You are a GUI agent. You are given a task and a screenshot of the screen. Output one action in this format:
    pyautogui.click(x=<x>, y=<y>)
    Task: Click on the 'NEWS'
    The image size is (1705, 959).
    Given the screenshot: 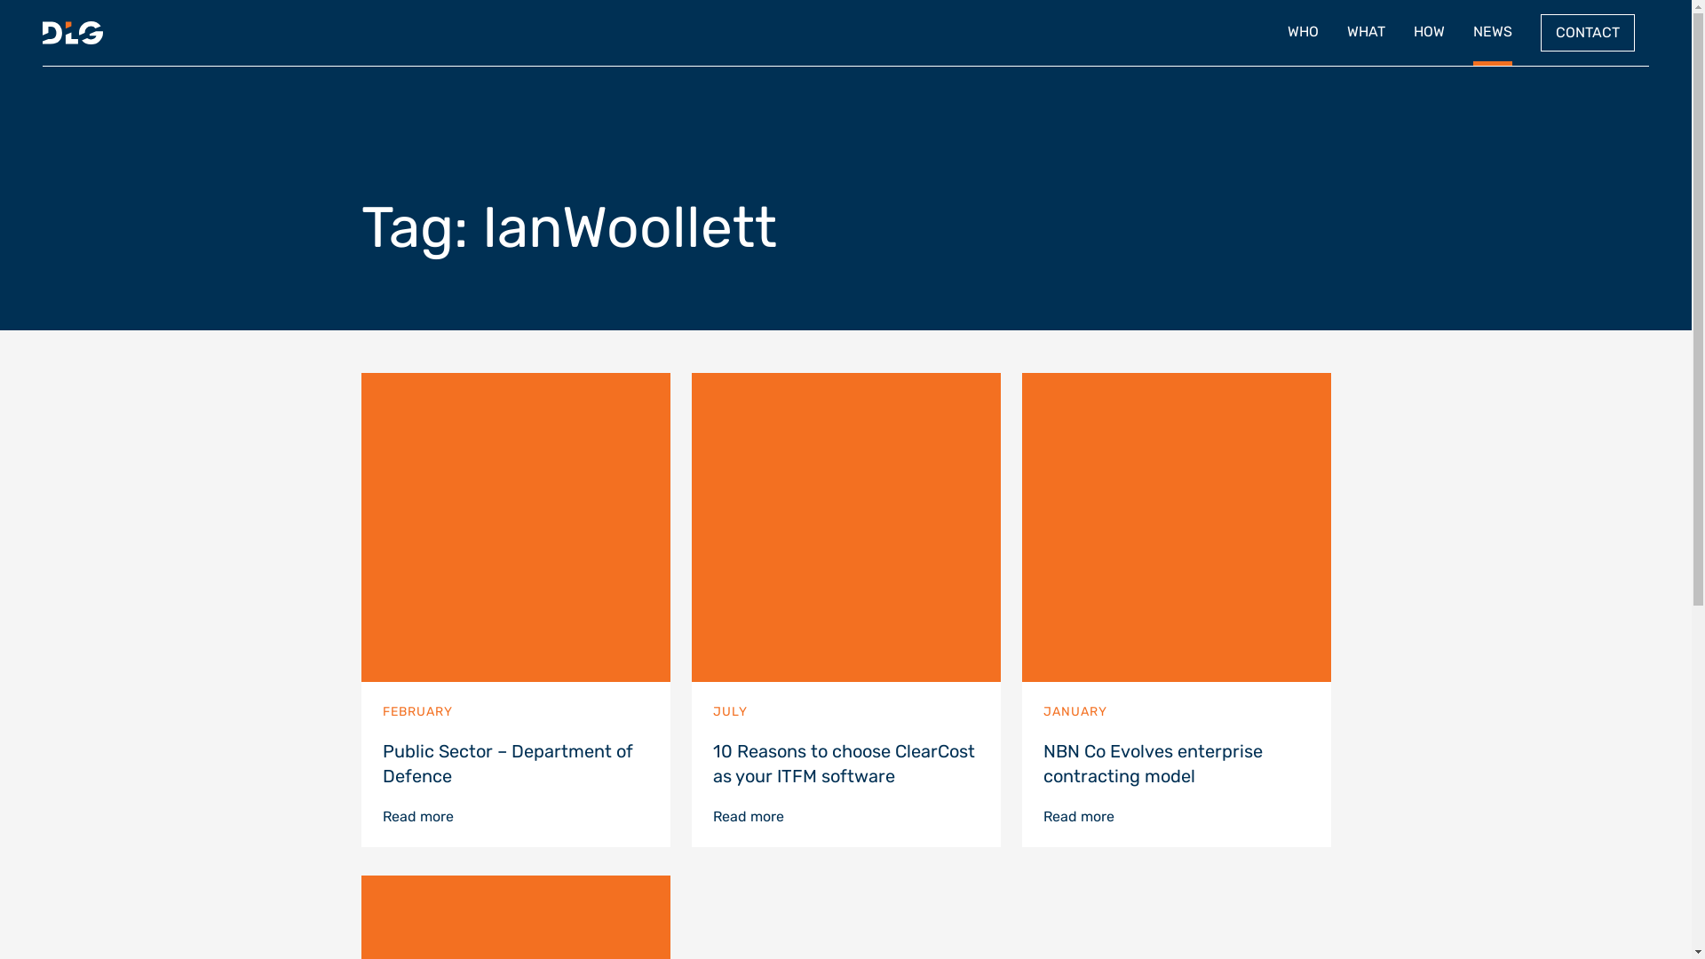 What is the action you would take?
    pyautogui.click(x=1492, y=33)
    